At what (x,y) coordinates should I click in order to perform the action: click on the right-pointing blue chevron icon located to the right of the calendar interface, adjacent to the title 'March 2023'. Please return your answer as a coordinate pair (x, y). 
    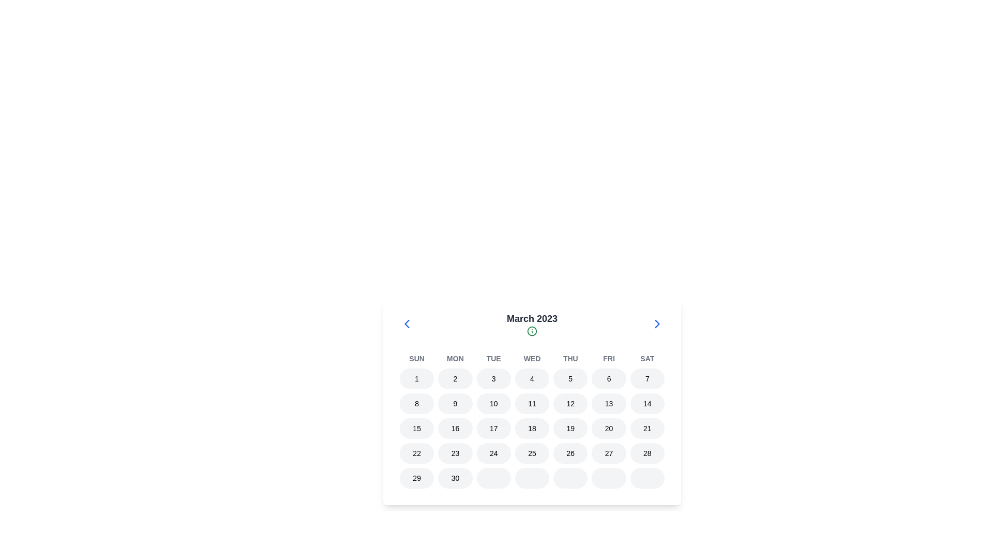
    Looking at the image, I should click on (657, 323).